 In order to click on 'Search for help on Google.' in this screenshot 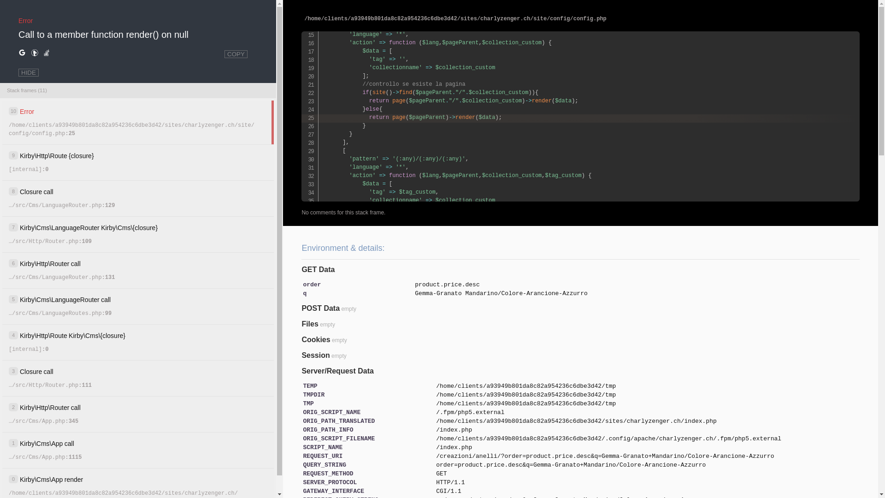, I will do `click(22, 53)`.